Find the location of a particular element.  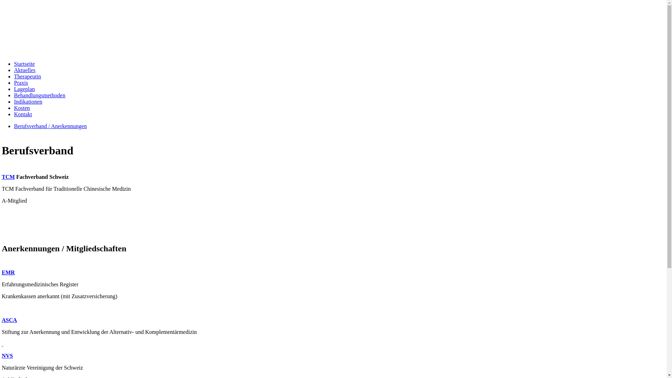

'TCM' is located at coordinates (8, 176).